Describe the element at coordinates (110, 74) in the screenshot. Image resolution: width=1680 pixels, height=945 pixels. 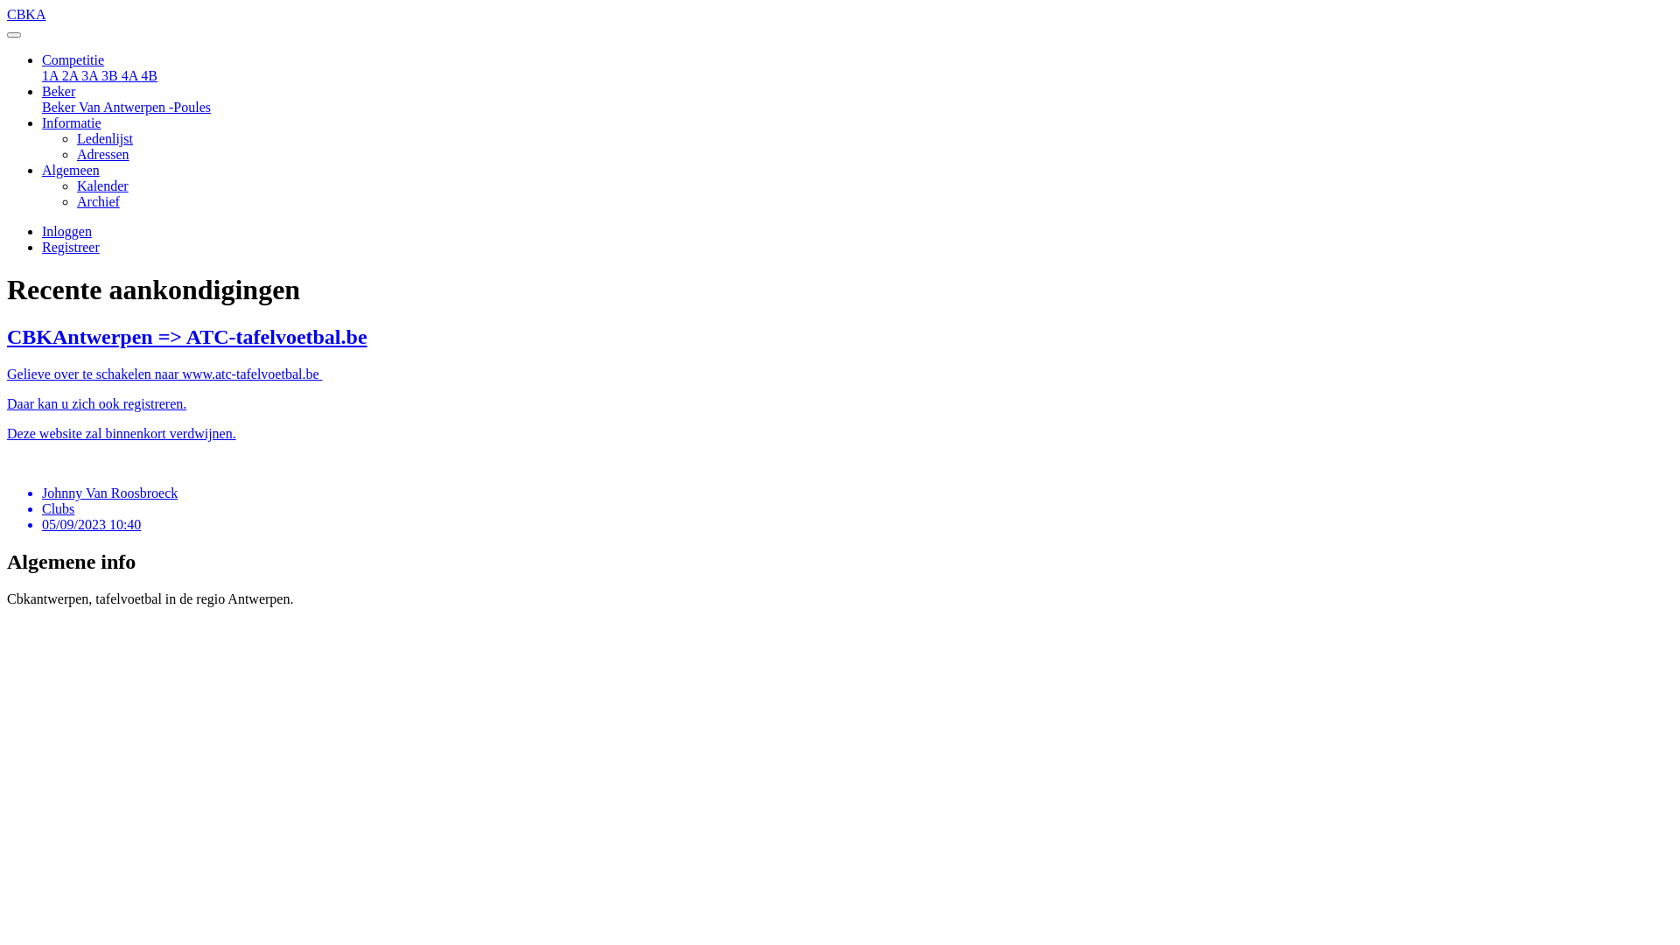
I see `'3B'` at that location.